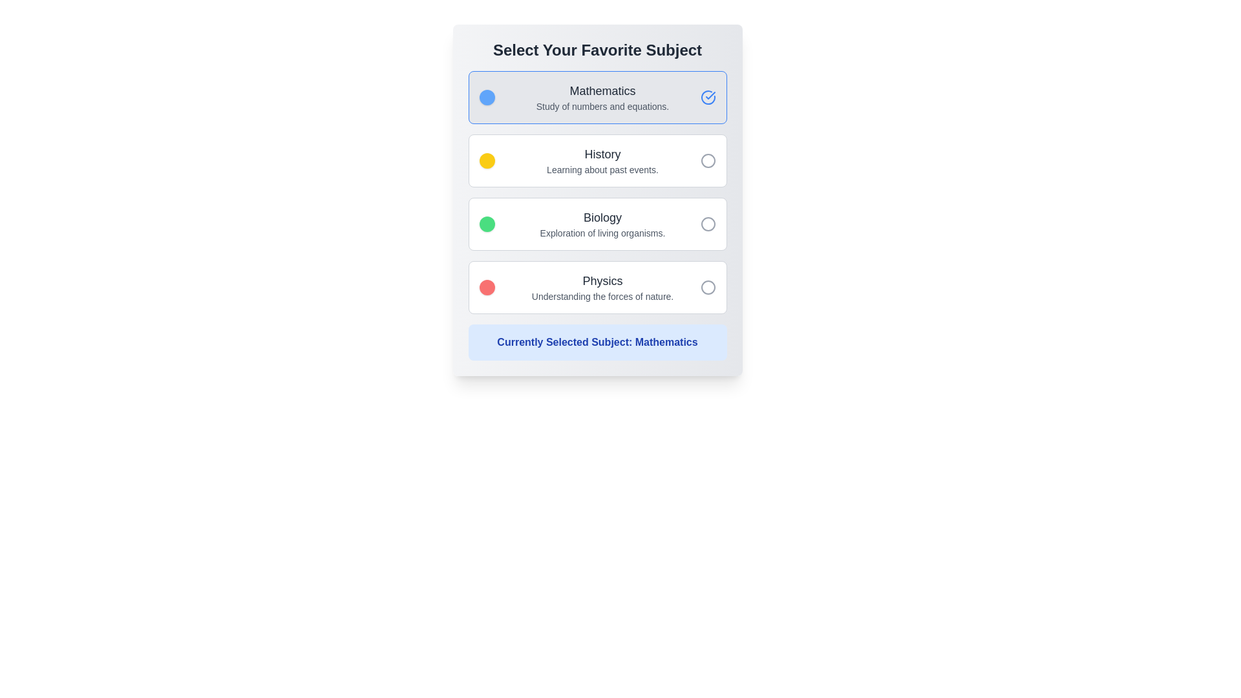  I want to click on the small green circular Decorative Badge located to the left of the 'Biology' text block to identify its associated subject, so click(486, 224).